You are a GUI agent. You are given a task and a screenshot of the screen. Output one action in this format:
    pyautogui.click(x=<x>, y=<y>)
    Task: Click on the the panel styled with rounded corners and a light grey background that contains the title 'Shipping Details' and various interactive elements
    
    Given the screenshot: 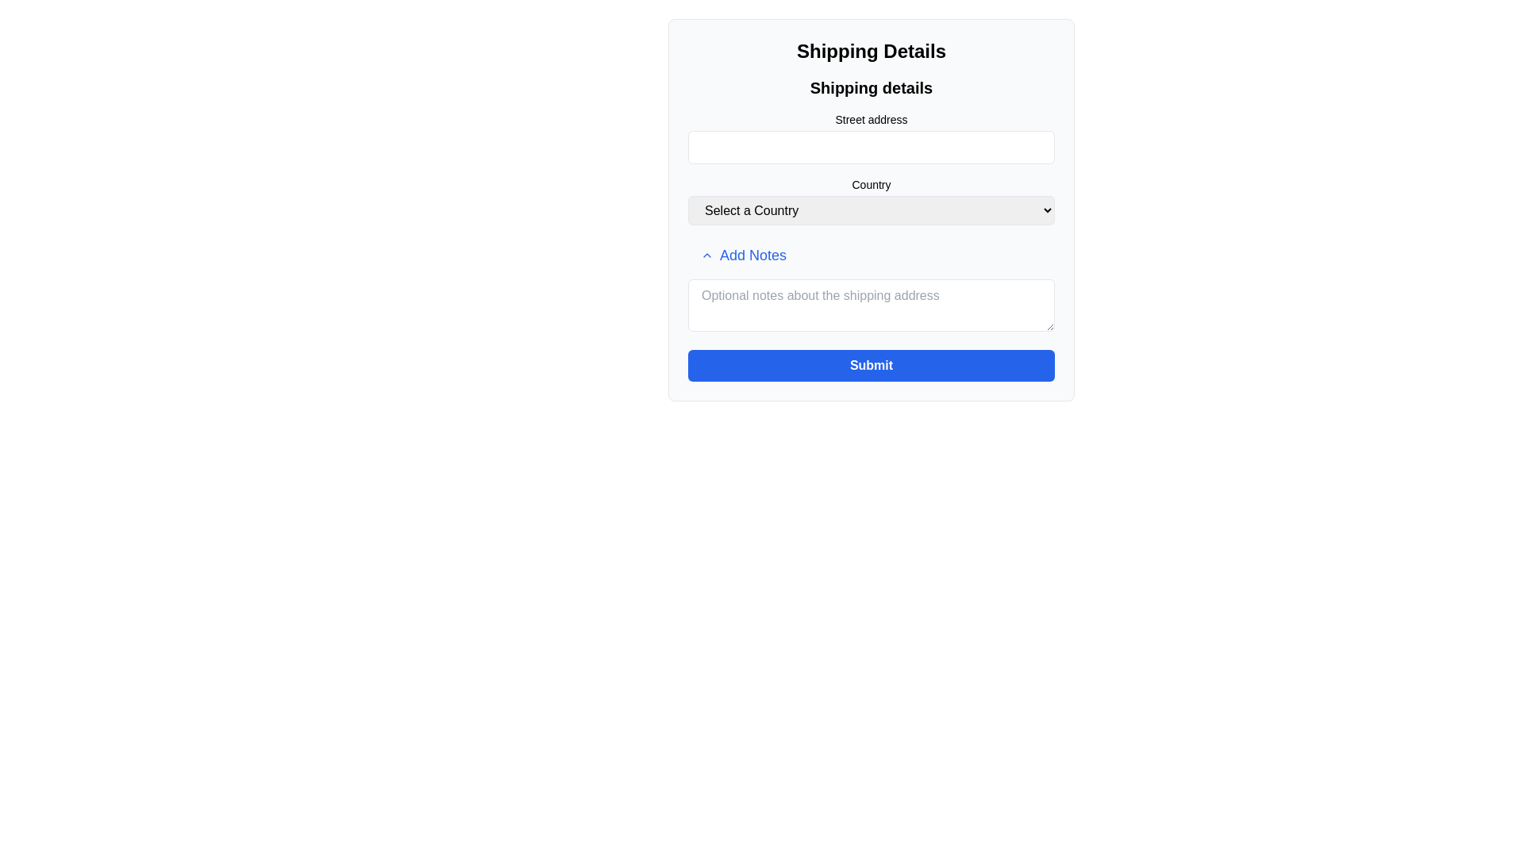 What is the action you would take?
    pyautogui.click(x=871, y=209)
    